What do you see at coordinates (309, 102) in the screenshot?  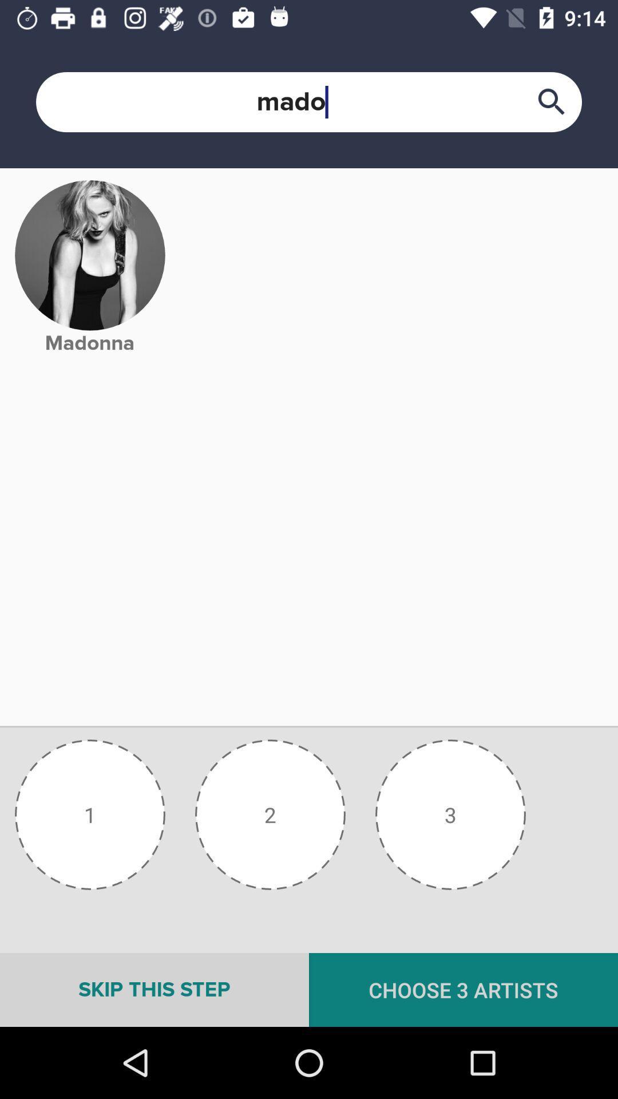 I see `the mado icon` at bounding box center [309, 102].